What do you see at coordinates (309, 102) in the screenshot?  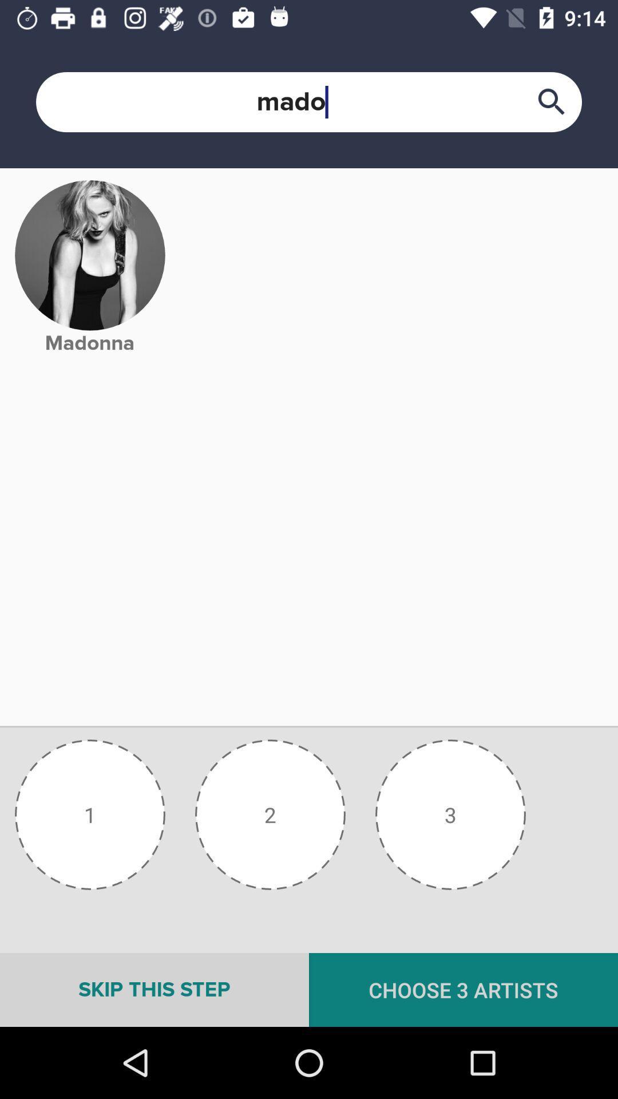 I see `the mado icon` at bounding box center [309, 102].